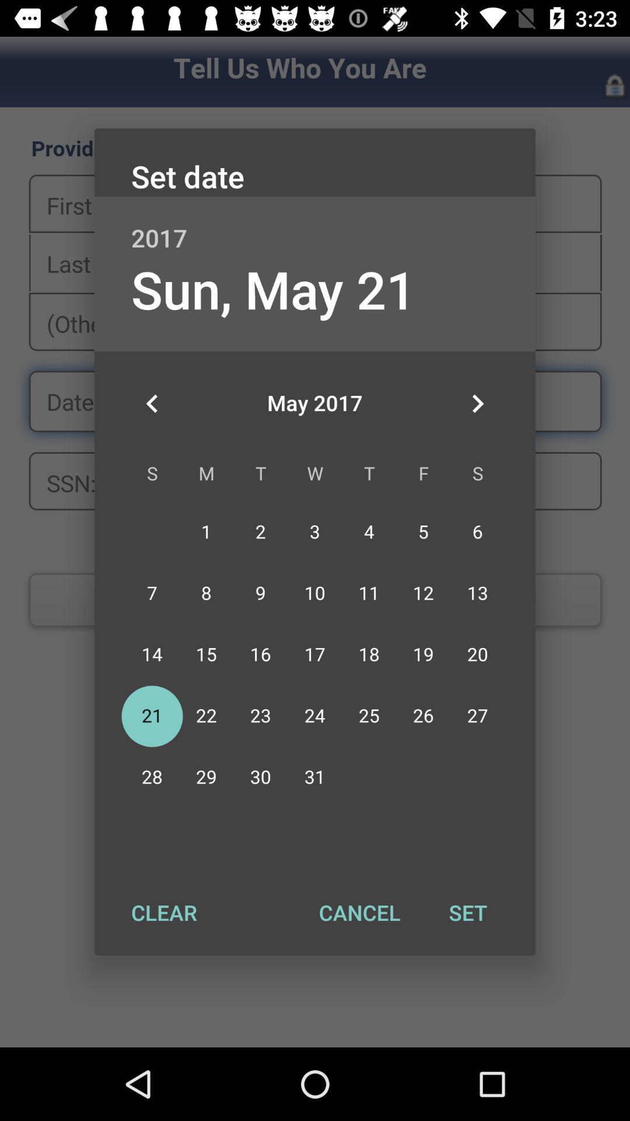 Image resolution: width=630 pixels, height=1121 pixels. Describe the element at coordinates (359, 912) in the screenshot. I see `the cancel item` at that location.